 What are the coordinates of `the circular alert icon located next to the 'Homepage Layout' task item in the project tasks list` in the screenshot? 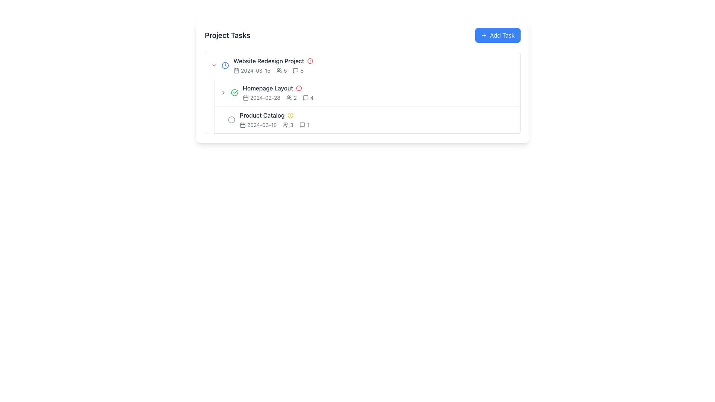 It's located at (299, 87).